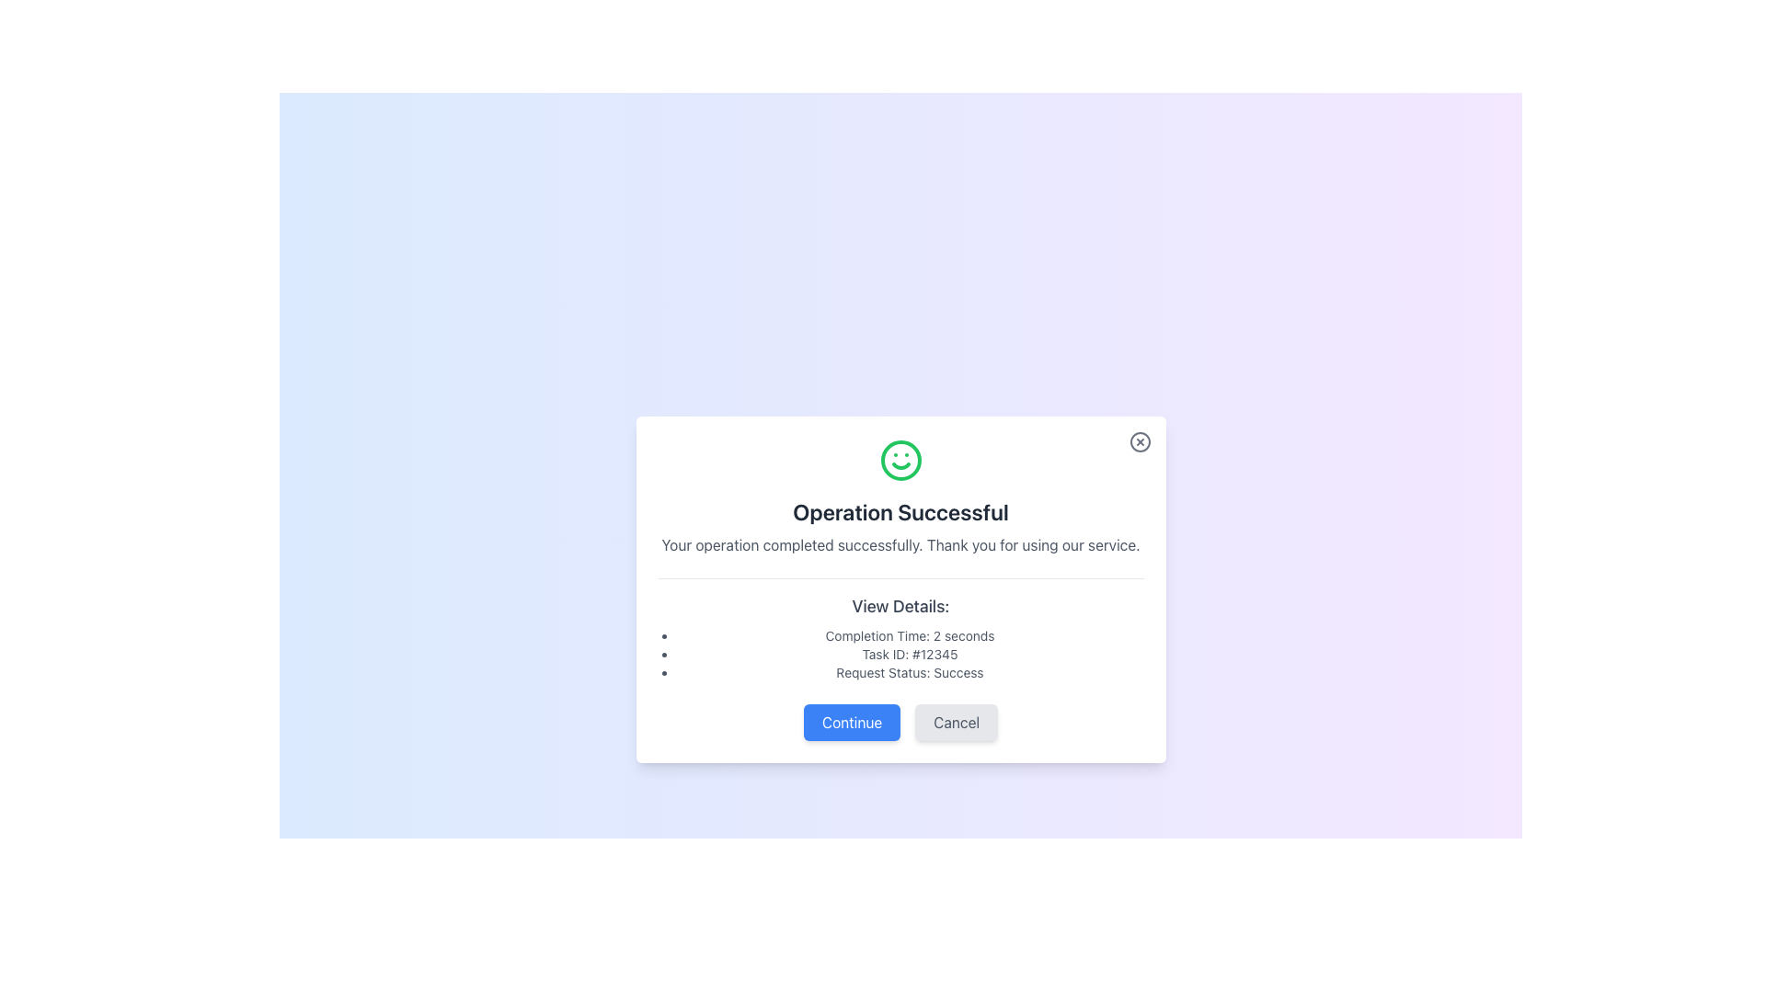  I want to click on the 'Task ID: #12345' text element, which is the second item in a bullet-pointed list within a modal window, so click(910, 653).